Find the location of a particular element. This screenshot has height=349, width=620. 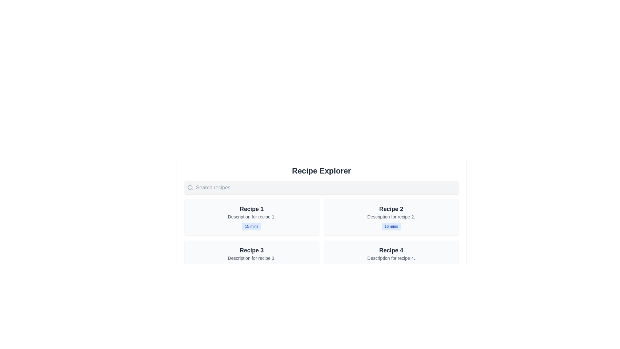

the label indicating the estimated time required for the associated recipe, located at the bottom of the first card in the grid layout is located at coordinates (251, 226).